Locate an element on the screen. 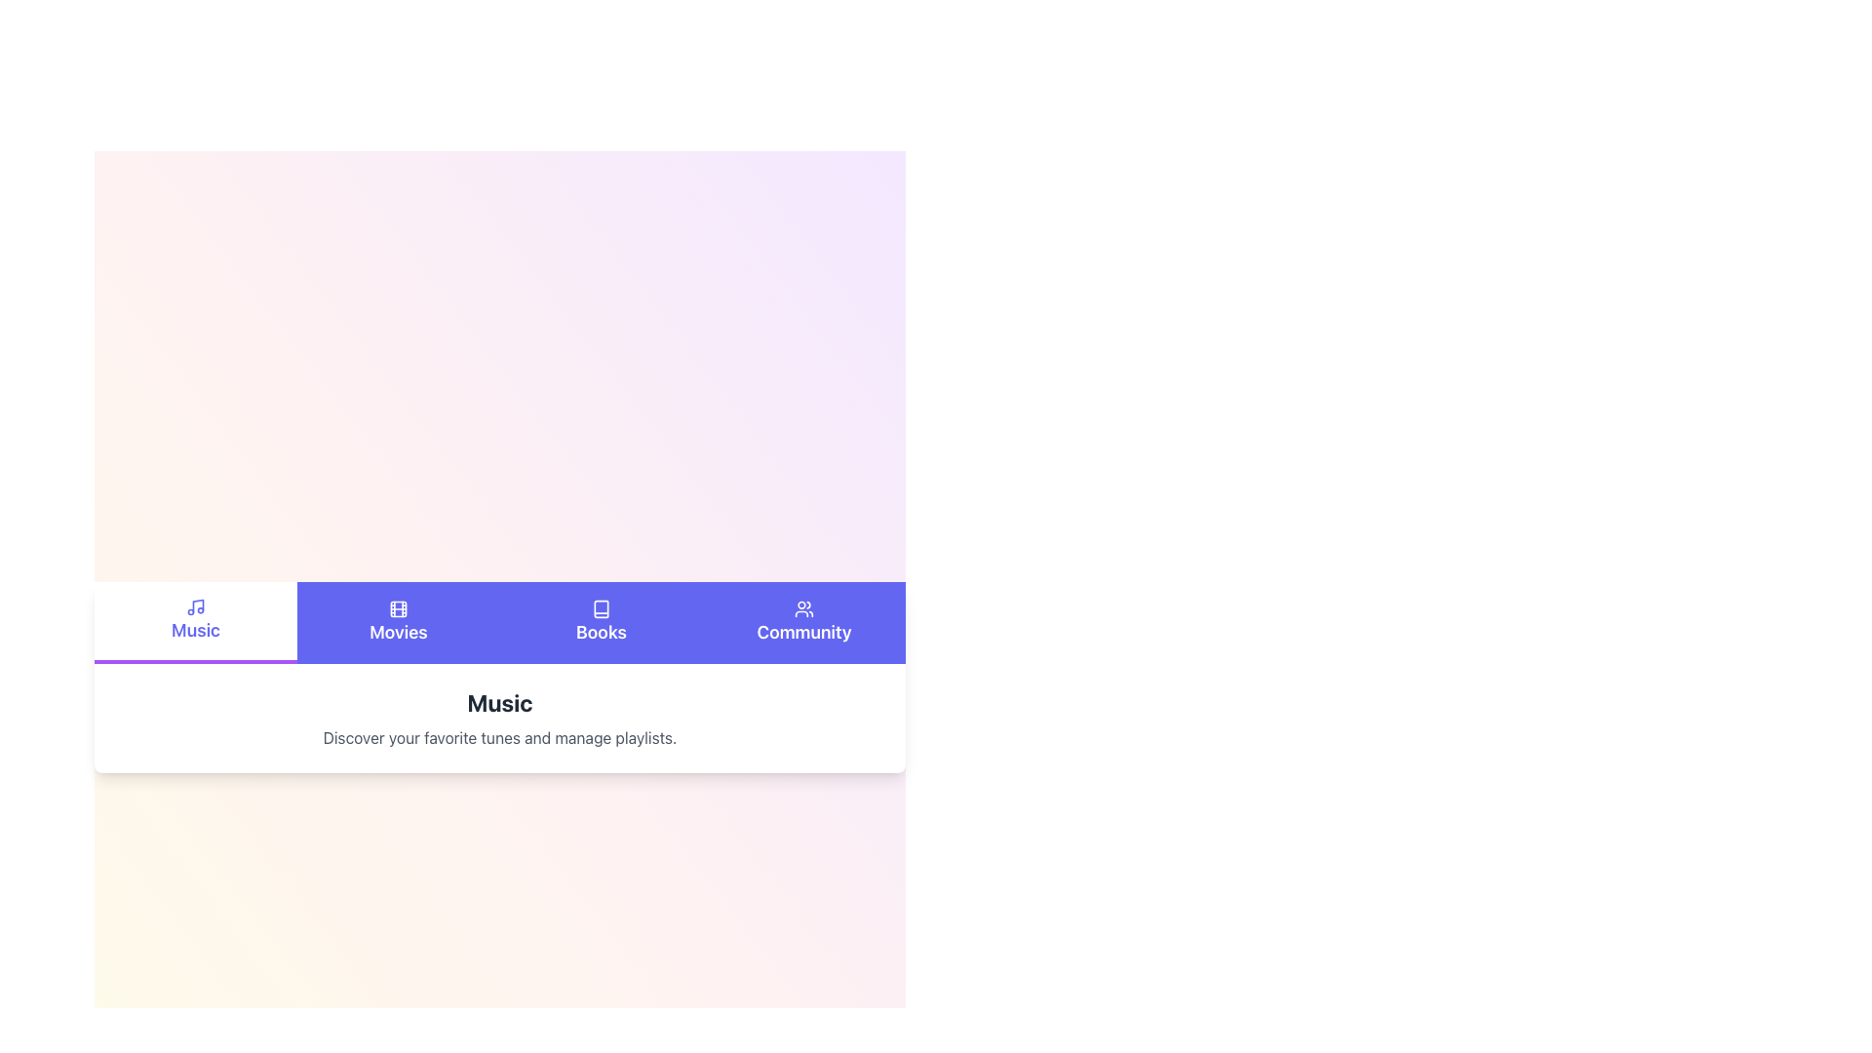 Image resolution: width=1872 pixels, height=1053 pixels. the button that navigates to the books section, which is the third button in a row of four buttons, located between 'Movies' and 'Community' is located at coordinates (601, 623).